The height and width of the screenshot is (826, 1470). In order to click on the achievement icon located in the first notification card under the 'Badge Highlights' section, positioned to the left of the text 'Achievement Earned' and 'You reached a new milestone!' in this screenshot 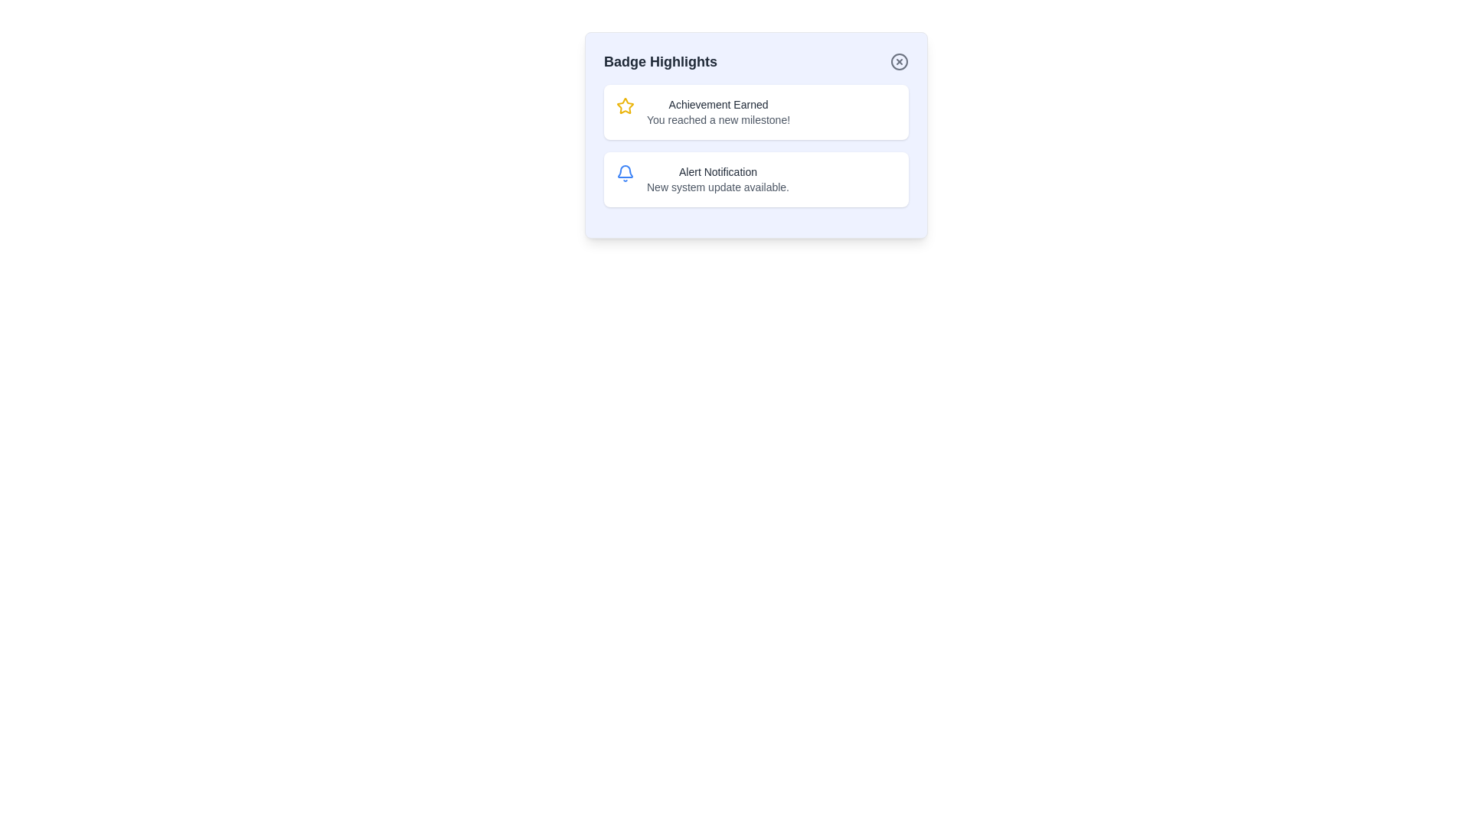, I will do `click(625, 105)`.